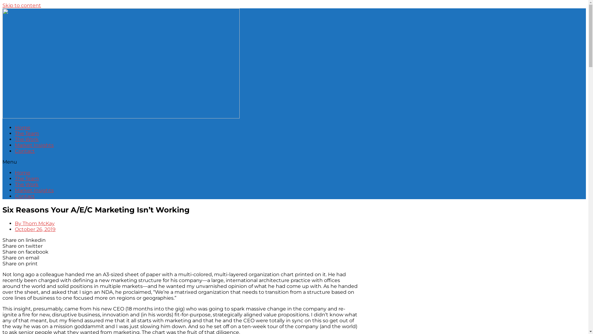 The image size is (593, 334). Describe the element at coordinates (26, 139) in the screenshot. I see `'The Work'` at that location.